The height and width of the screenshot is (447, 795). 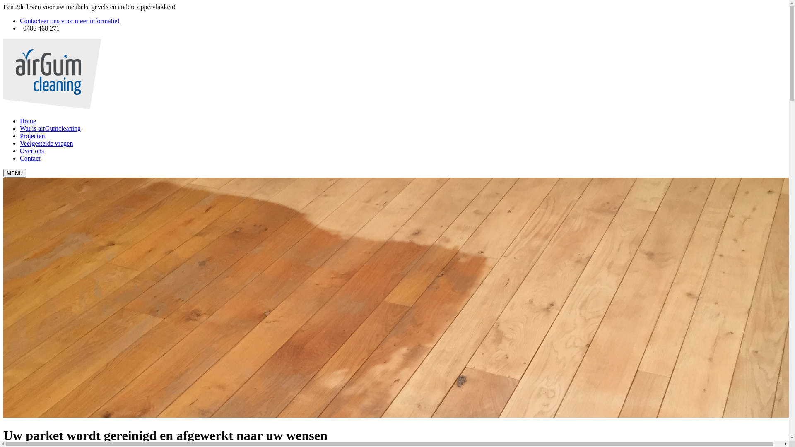 I want to click on 'Veelgestelde vragen', so click(x=46, y=143).